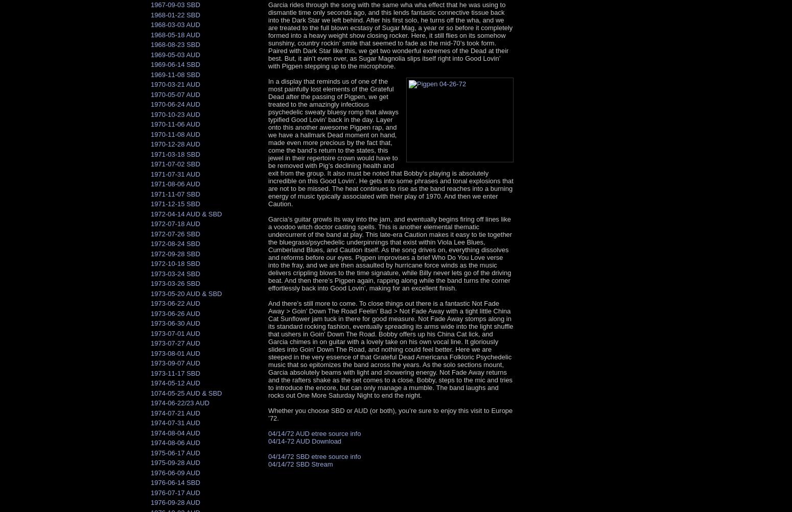  What do you see at coordinates (185, 392) in the screenshot?
I see `'1074-05-25 AUD & SBD'` at bounding box center [185, 392].